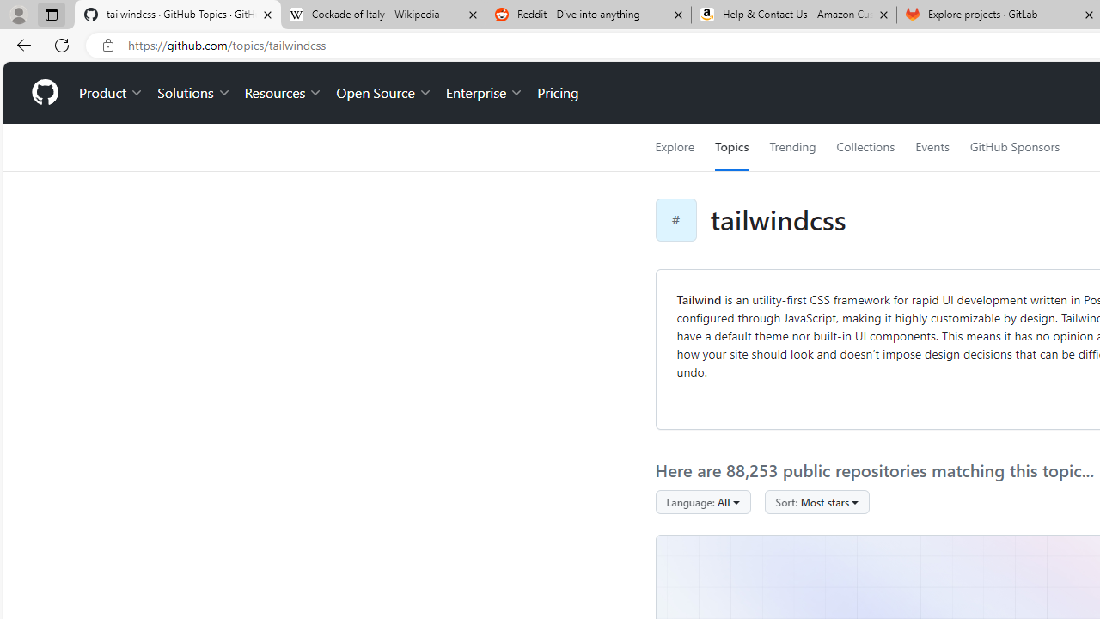 This screenshot has height=619, width=1100. I want to click on 'Language: All', so click(702, 502).